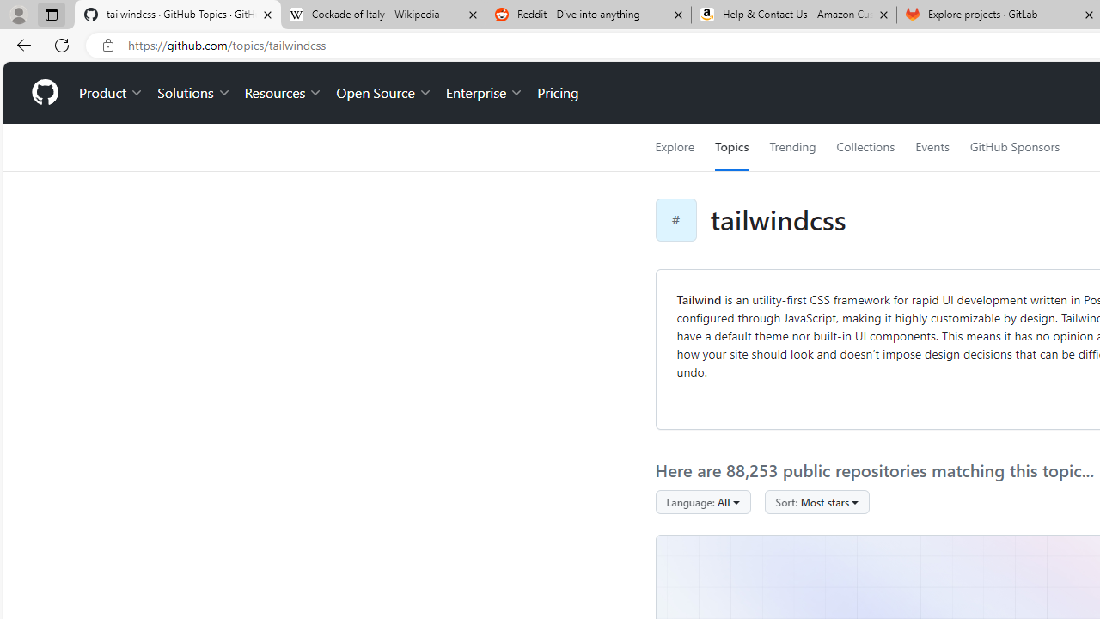 This screenshot has height=619, width=1100. I want to click on 'Language: All', so click(702, 502).